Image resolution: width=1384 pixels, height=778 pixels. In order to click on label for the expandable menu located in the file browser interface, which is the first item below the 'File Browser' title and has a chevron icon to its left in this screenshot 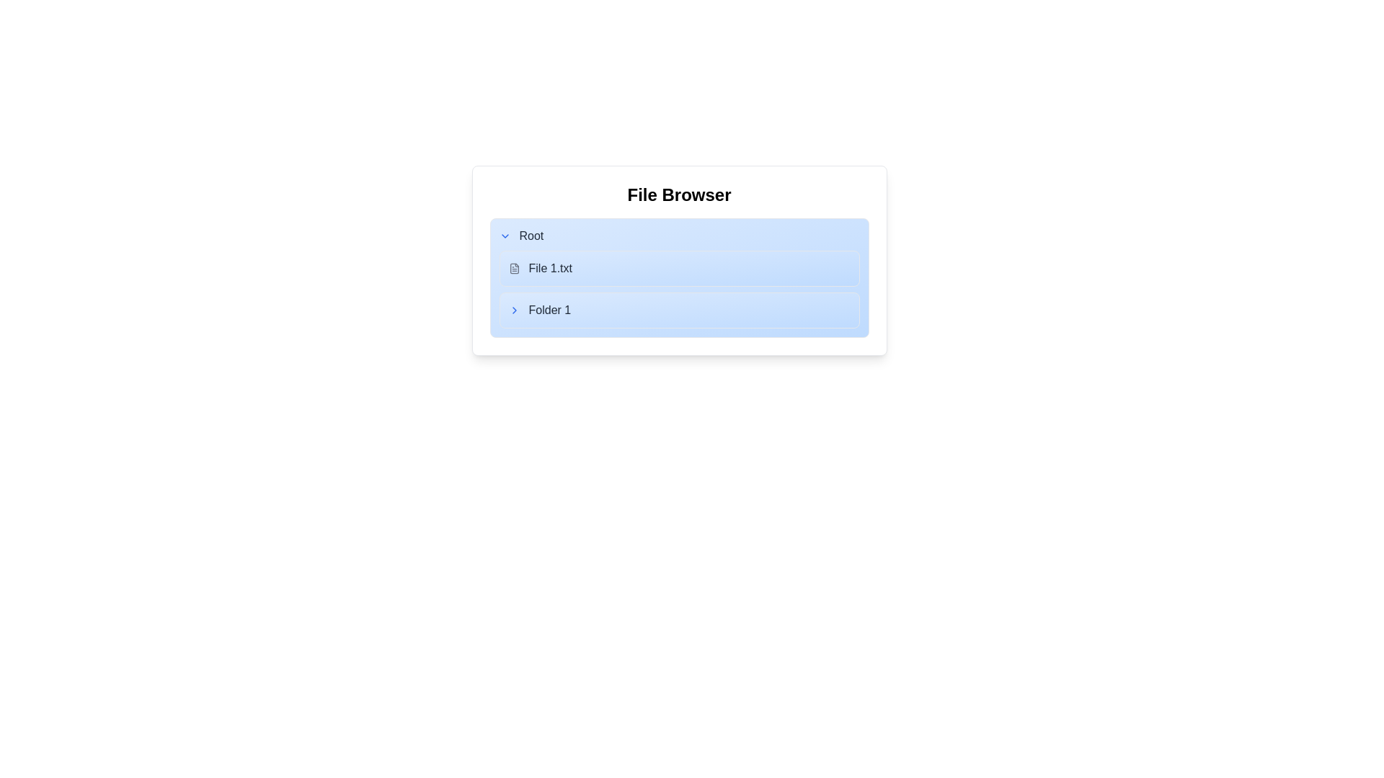, I will do `click(520, 235)`.